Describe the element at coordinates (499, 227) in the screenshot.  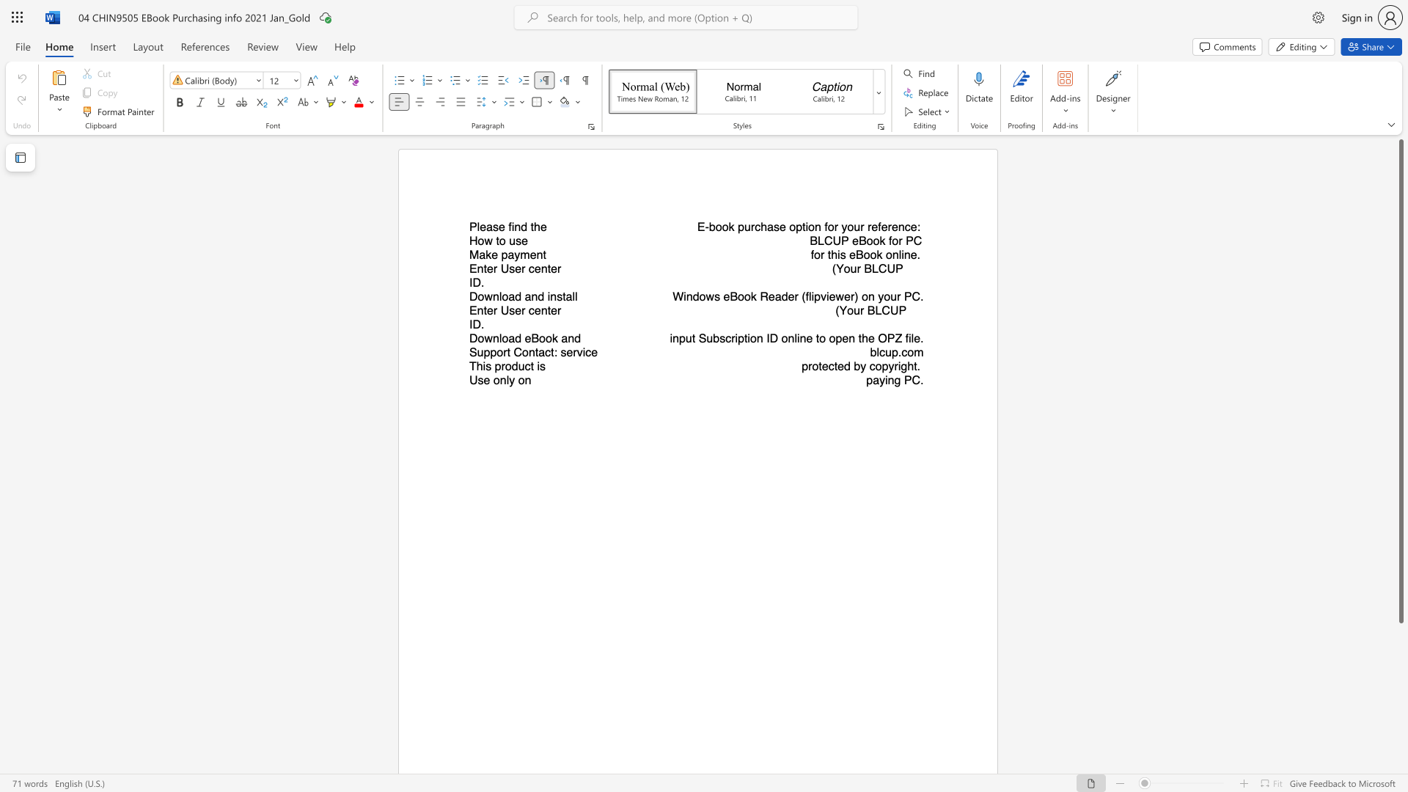
I see `the subset text "e find th" within the text "Please find the"` at that location.